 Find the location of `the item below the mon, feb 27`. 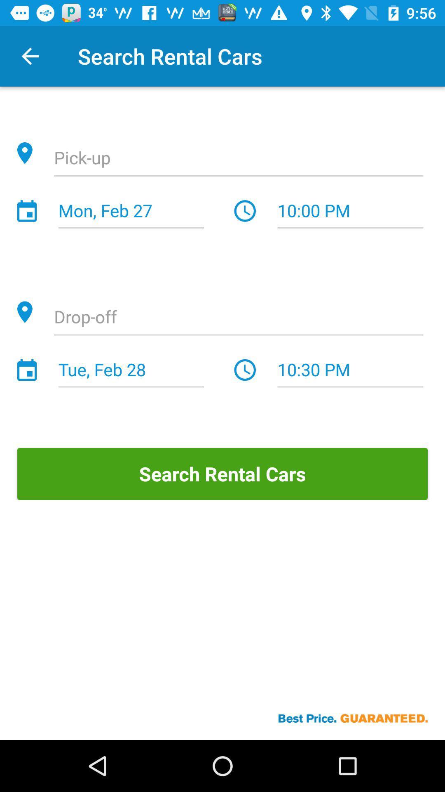

the item below the mon, feb 27 is located at coordinates (239, 318).